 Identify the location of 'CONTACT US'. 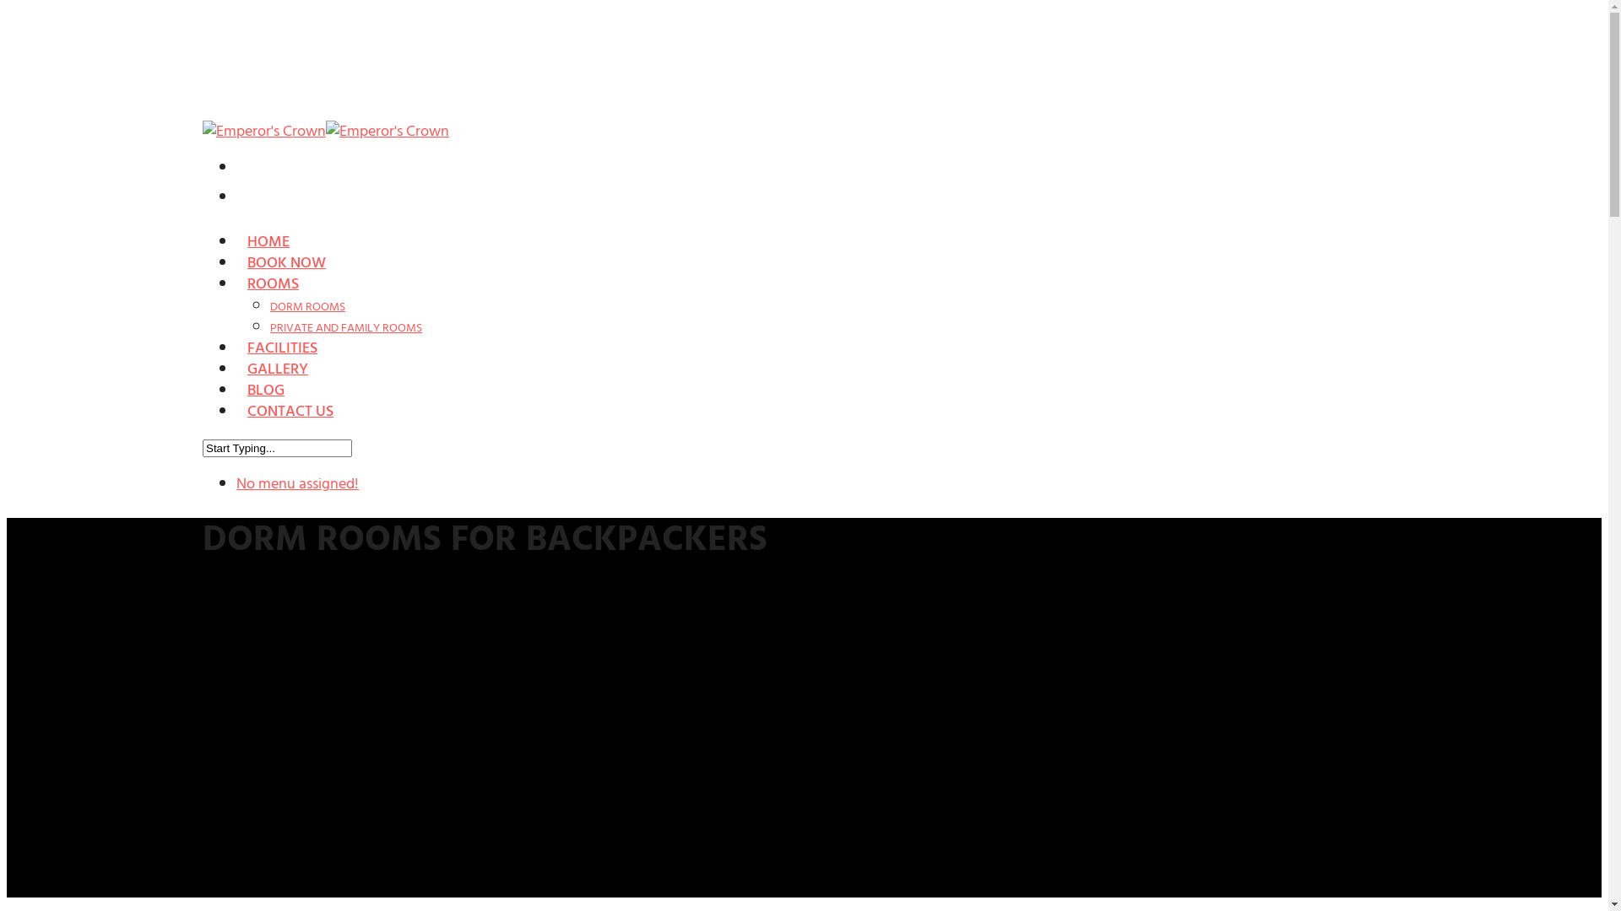
(290, 421).